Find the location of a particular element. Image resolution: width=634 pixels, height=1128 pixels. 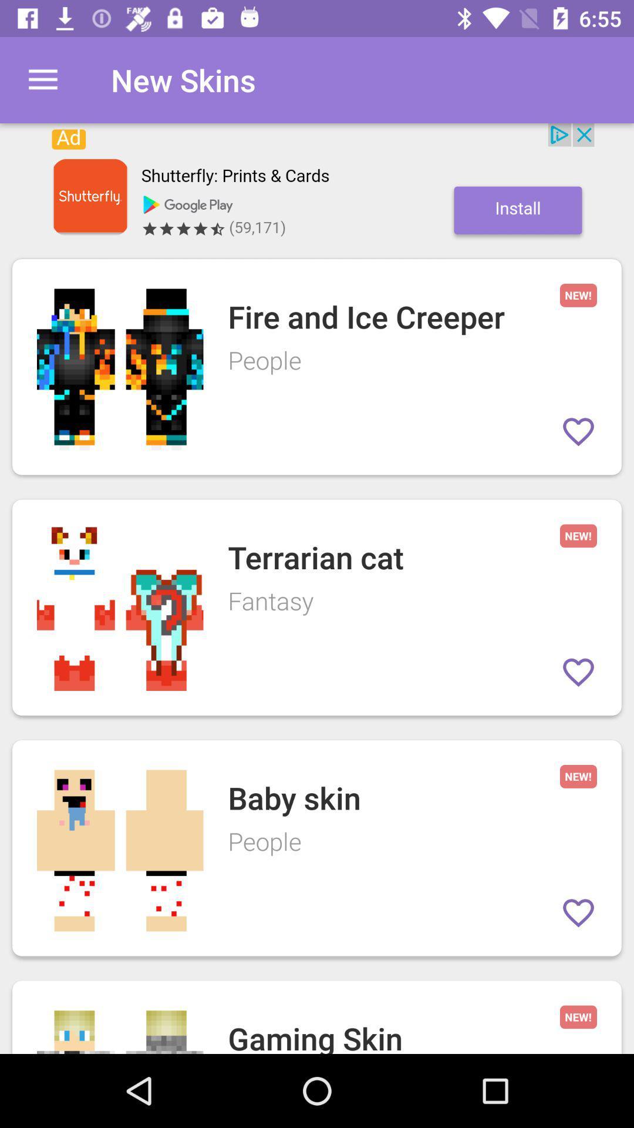

love this entry is located at coordinates (578, 672).